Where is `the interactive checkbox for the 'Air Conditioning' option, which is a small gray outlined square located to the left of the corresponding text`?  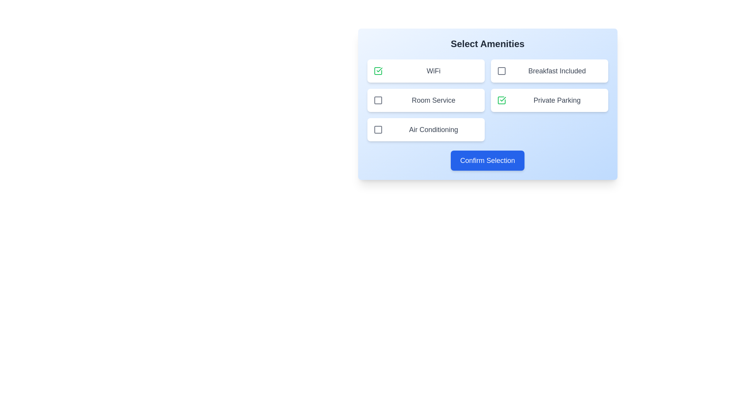 the interactive checkbox for the 'Air Conditioning' option, which is a small gray outlined square located to the left of the corresponding text is located at coordinates (378, 129).